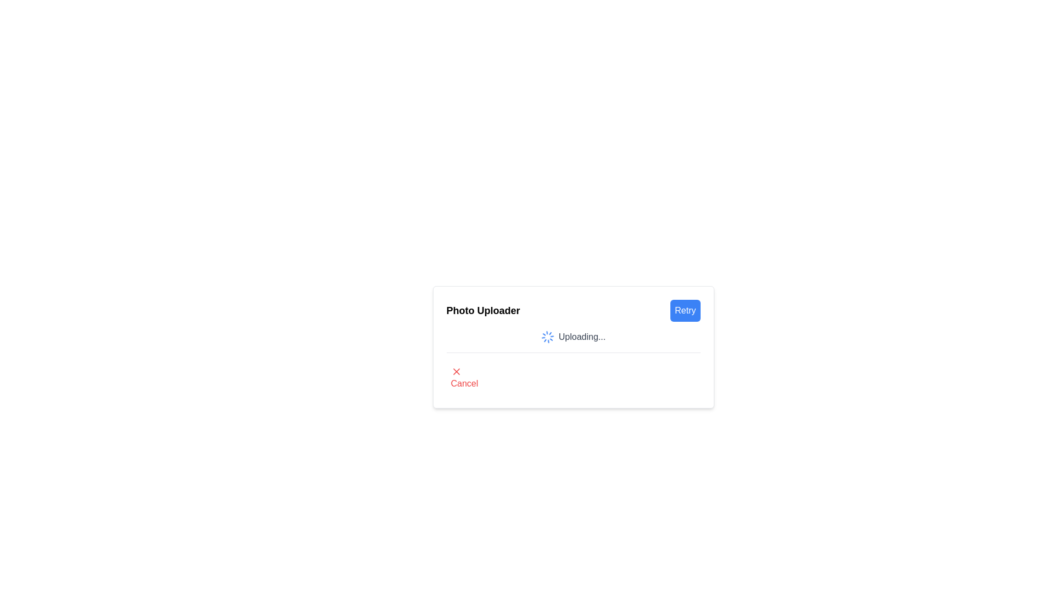  Describe the element at coordinates (547, 336) in the screenshot. I see `the circular blue loader animation located in the 'Photo Uploader' section, which is positioned to the left of the 'Uploading...' text` at that location.